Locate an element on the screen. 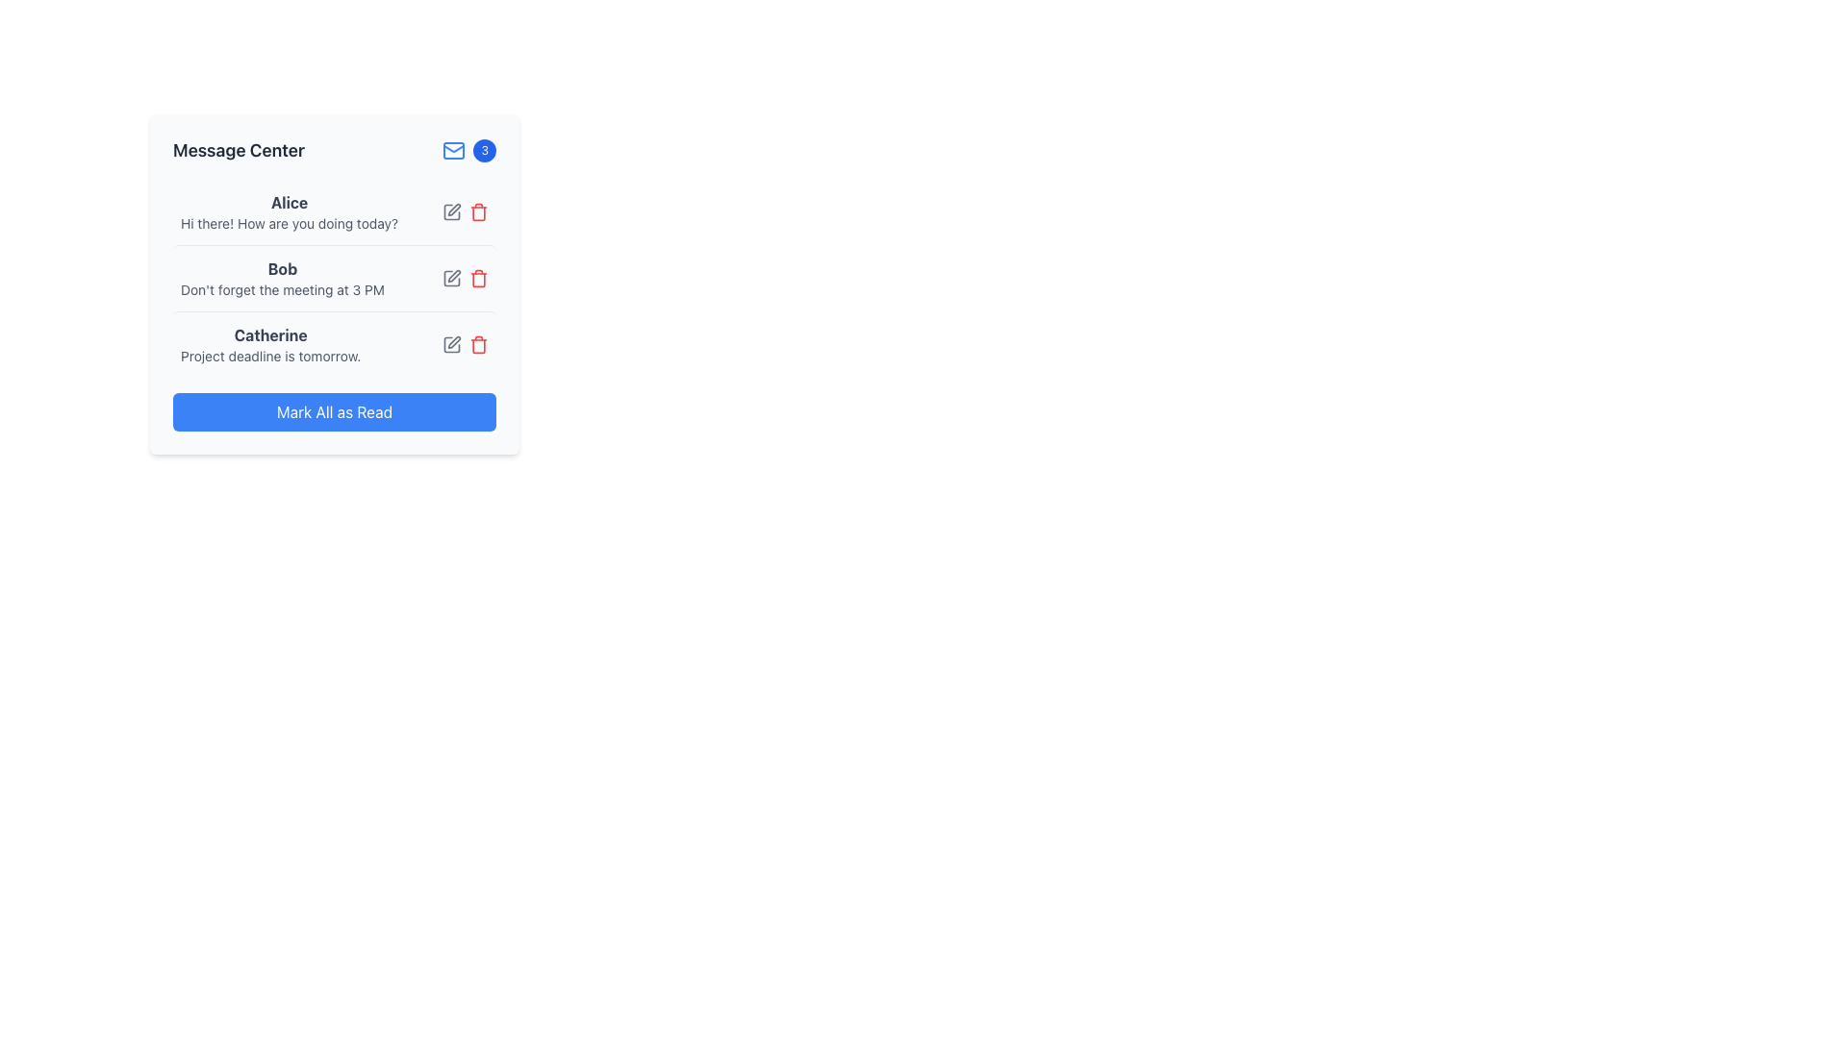 This screenshot has height=1038, width=1847. the edit button icon located to the right of the name 'Bob' and the message 'Don't forget the meeting at 3 PM' is located at coordinates (451, 278).